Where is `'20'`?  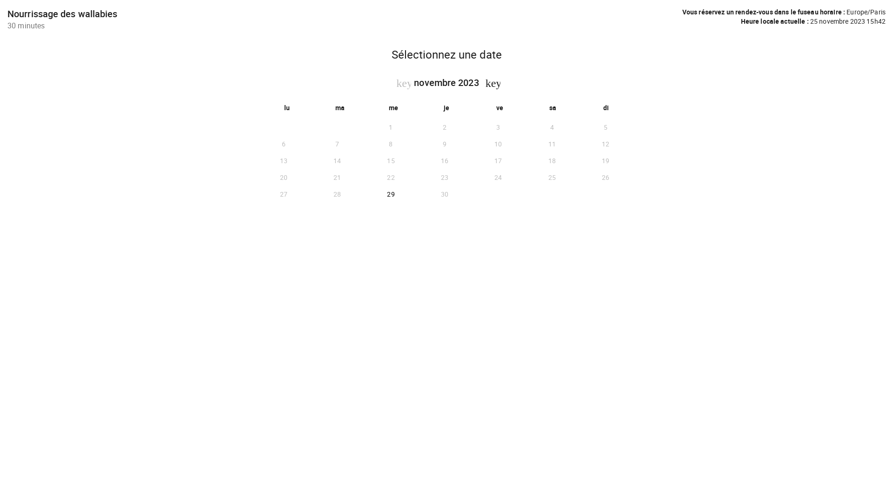
'20' is located at coordinates (283, 177).